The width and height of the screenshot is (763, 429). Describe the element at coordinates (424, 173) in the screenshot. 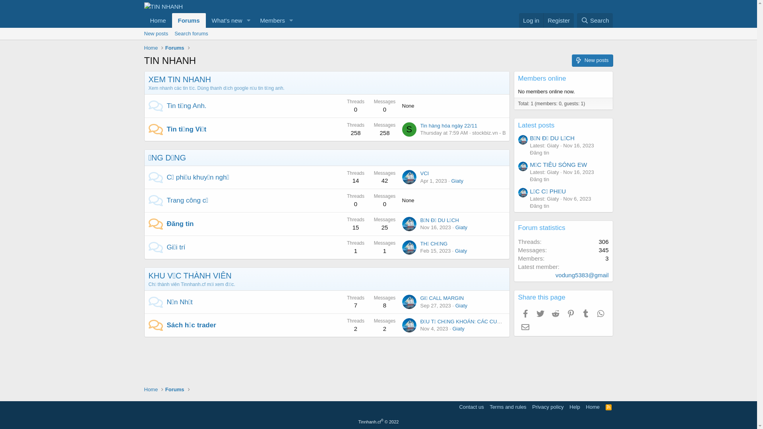

I see `'VCI'` at that location.